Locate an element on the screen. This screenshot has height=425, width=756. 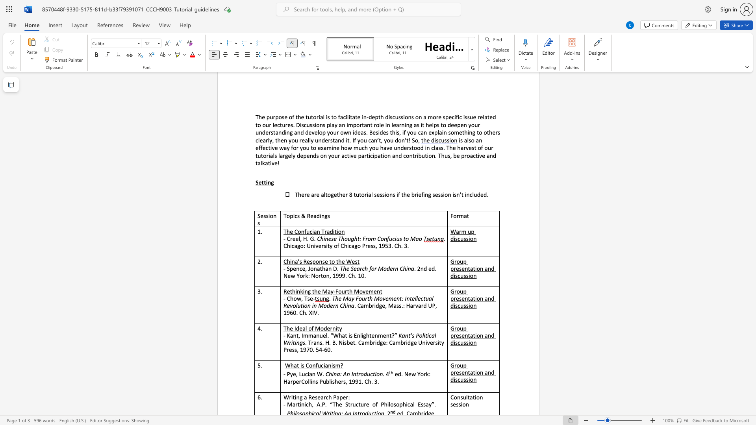
the subset text "a Resea" within the text "a Research Paper" is located at coordinates (304, 397).